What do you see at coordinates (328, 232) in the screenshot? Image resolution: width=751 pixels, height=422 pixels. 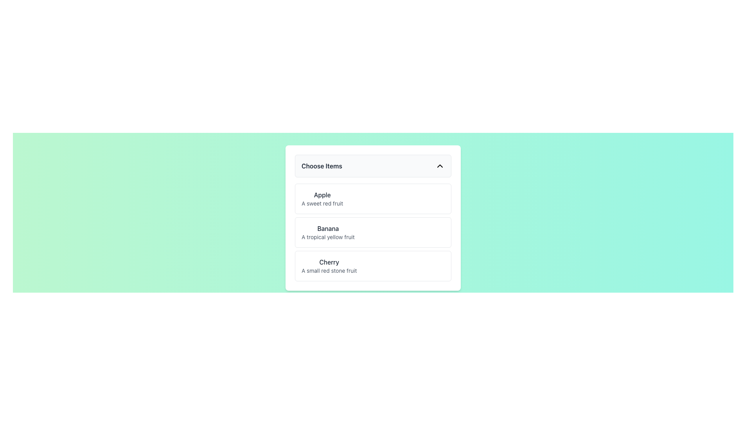 I see `the informative text block for 'Banana', which is the second item in the dropdown menu titled 'Choose Items', positioned below 'Apple' and above 'Cherry'` at bounding box center [328, 232].